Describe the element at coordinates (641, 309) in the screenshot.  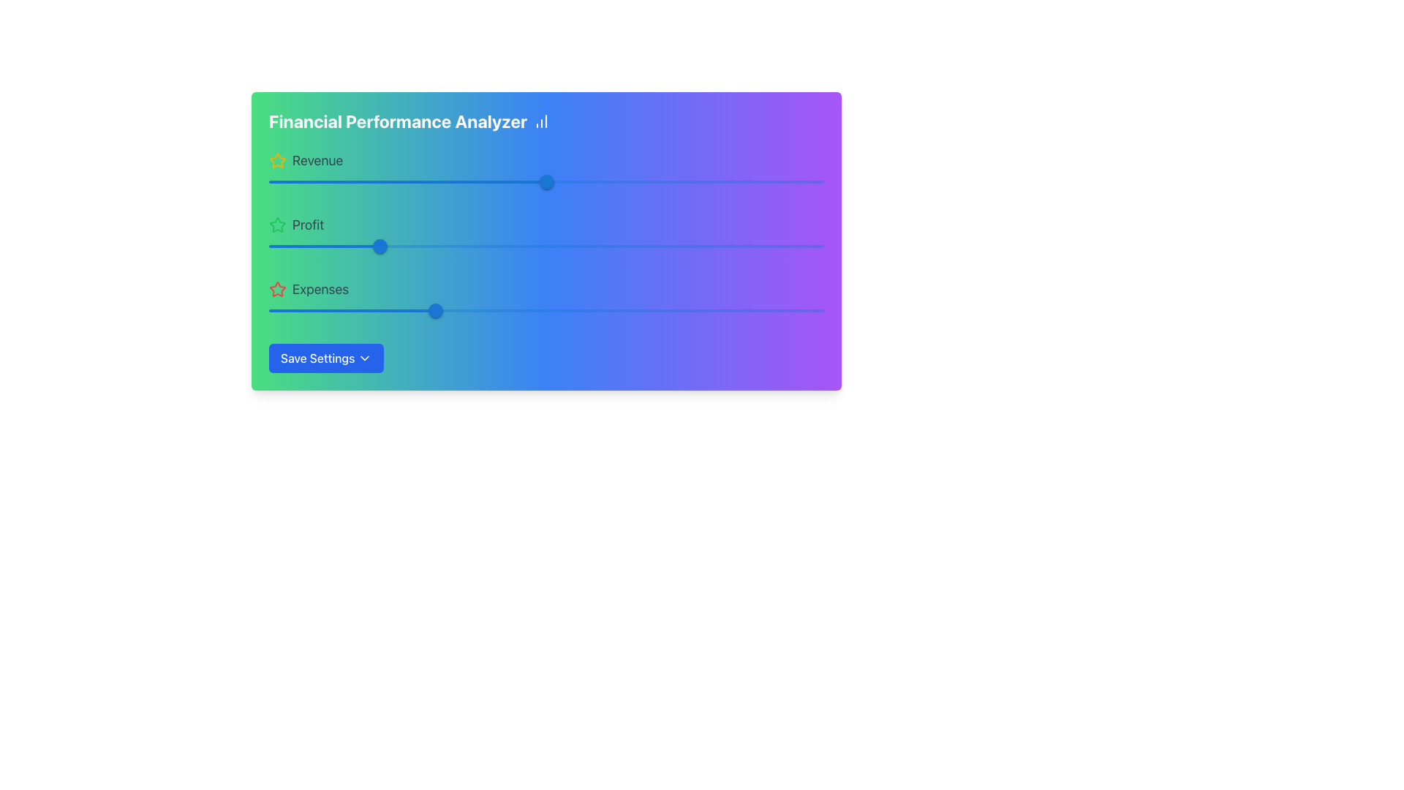
I see `the Expenses slider` at that location.